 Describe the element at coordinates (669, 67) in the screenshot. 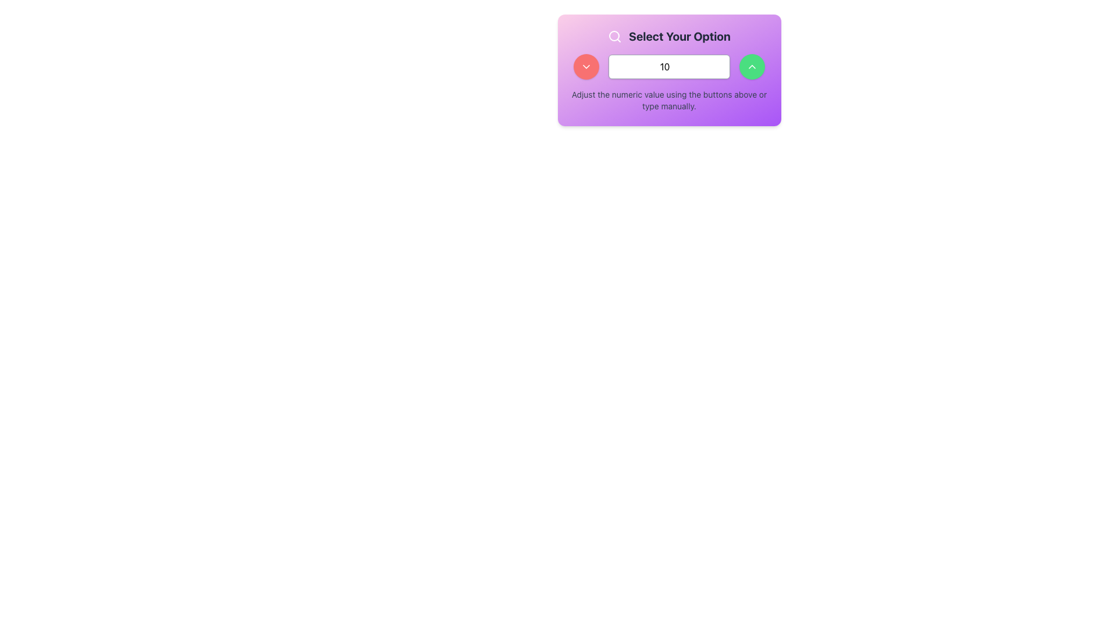

I see `on the text input field for entering a numerical value, currently displaying '10', which is centrally located between two buttons: a red button with a downward arrow on the left and a green button with an upward arrow on the right` at that location.